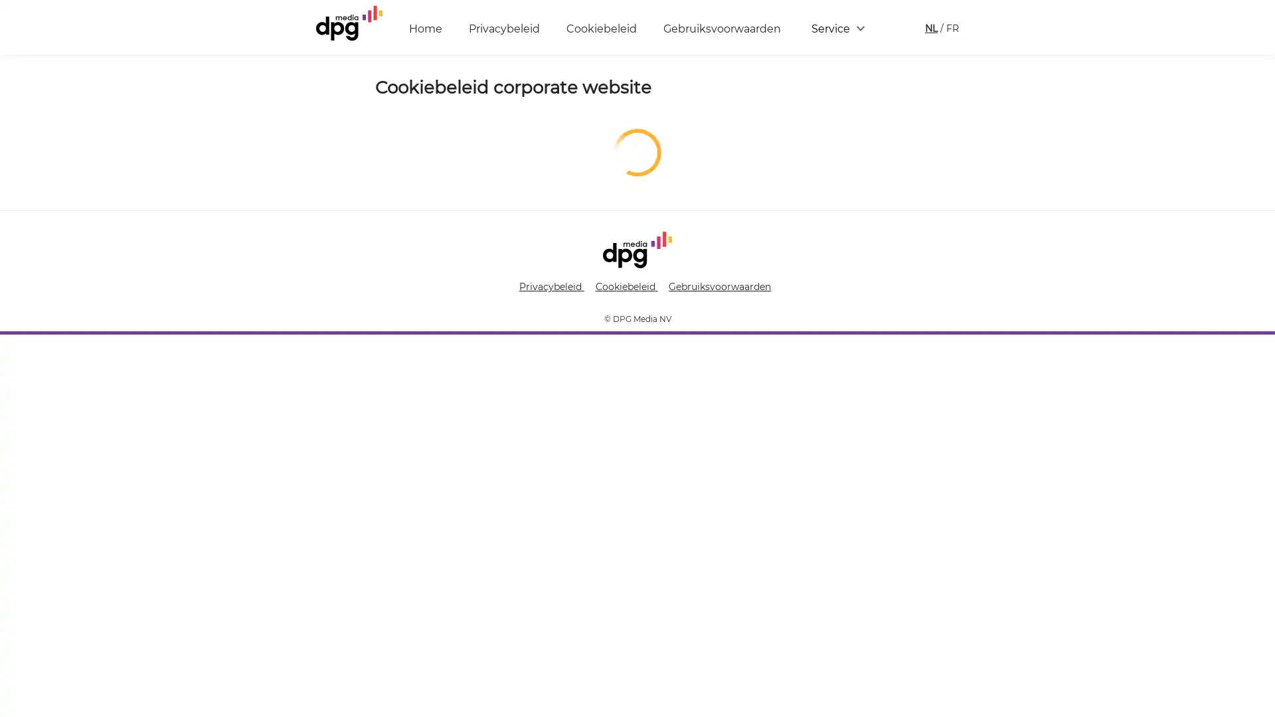 This screenshot has width=1275, height=717. Describe the element at coordinates (1258, 520) in the screenshot. I see `close icon` at that location.